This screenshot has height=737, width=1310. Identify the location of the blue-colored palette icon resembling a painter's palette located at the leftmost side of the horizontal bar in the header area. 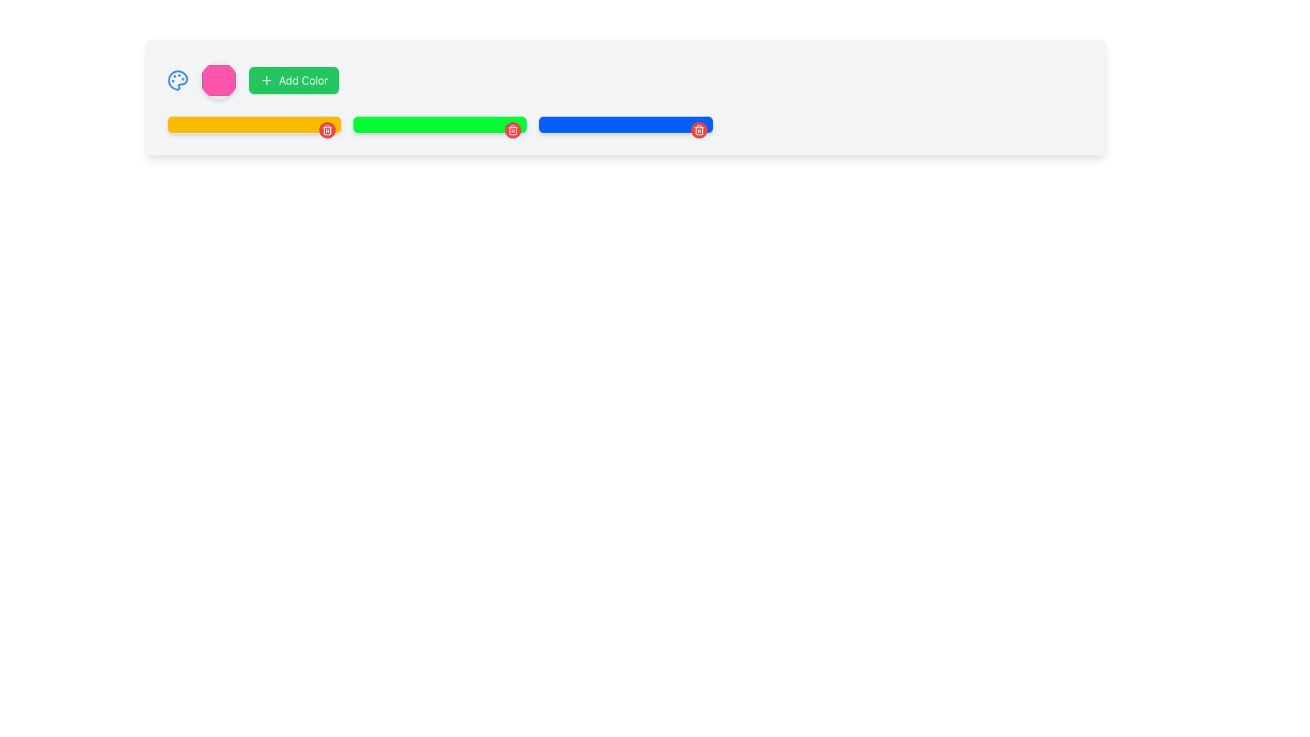
(177, 81).